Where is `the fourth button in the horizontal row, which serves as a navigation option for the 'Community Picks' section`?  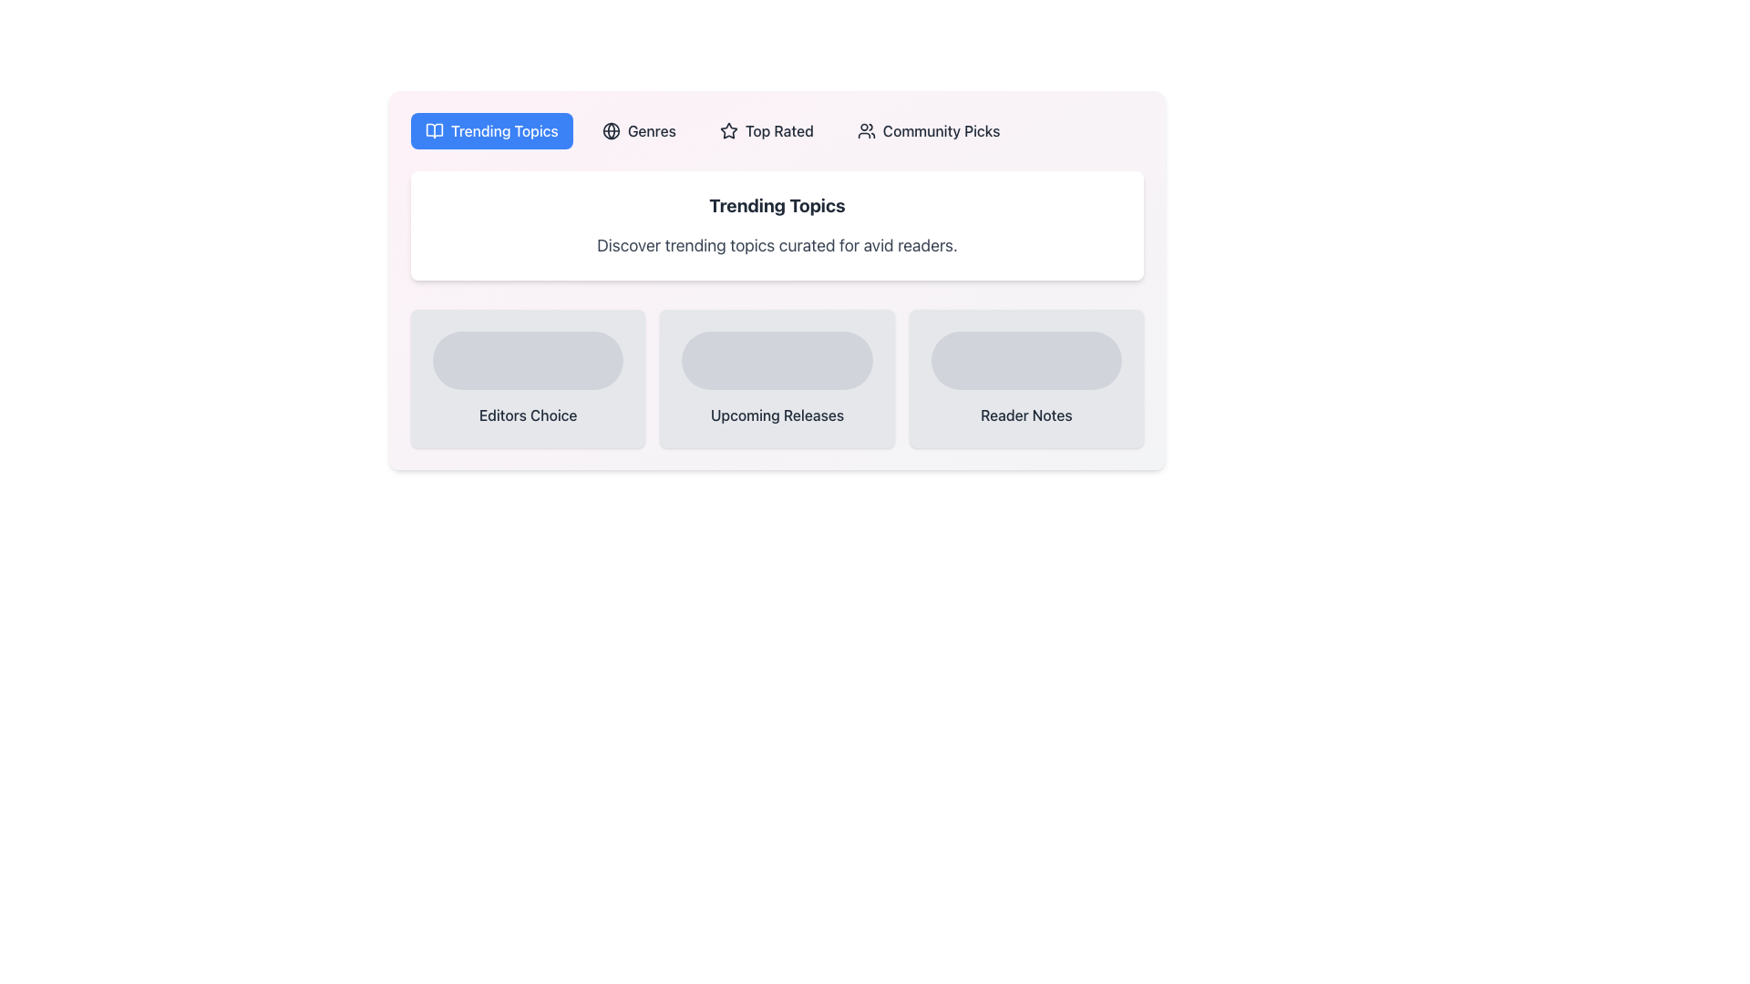 the fourth button in the horizontal row, which serves as a navigation option for the 'Community Picks' section is located at coordinates (929, 129).